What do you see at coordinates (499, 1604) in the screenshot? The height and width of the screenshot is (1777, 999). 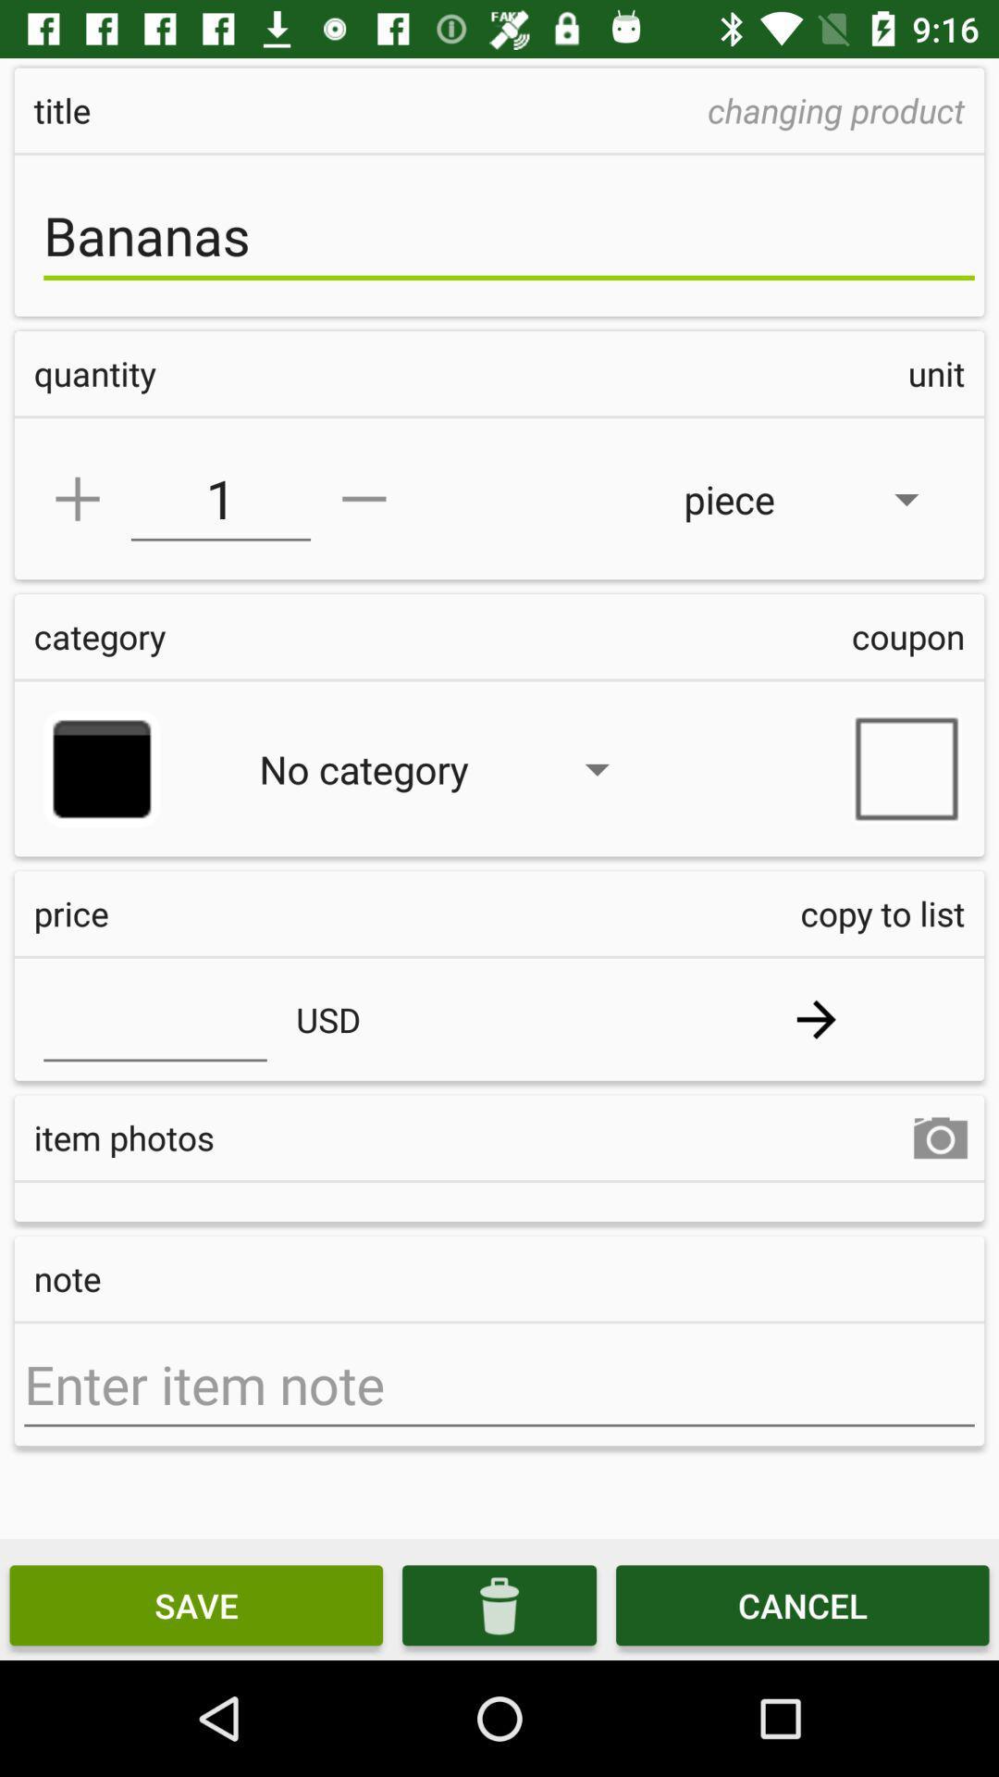 I see `the item next to cancel icon` at bounding box center [499, 1604].